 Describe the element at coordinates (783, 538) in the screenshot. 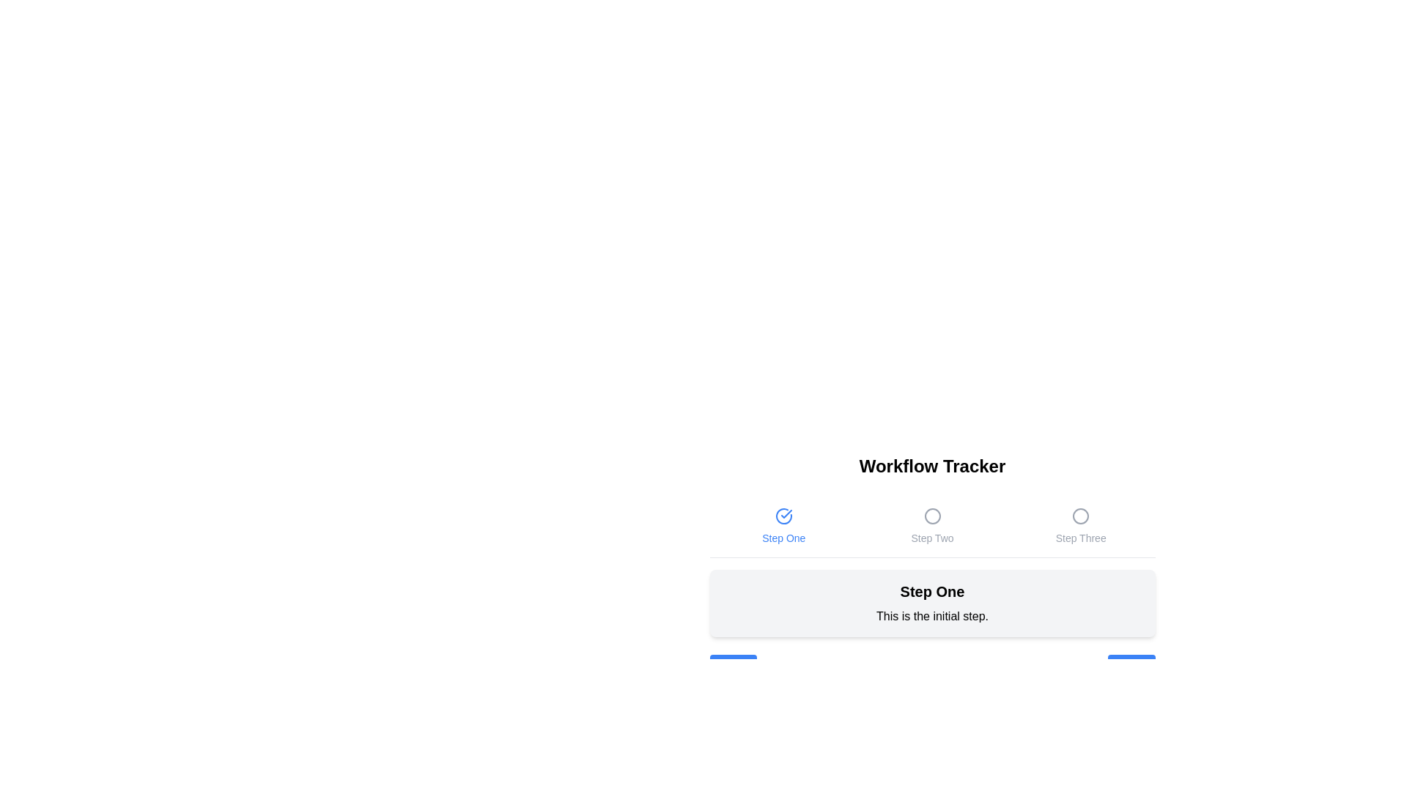

I see `the text label reading 'Step One' styled in blue font, which is positioned below a circular check mark icon, indicating the first step in a process` at that location.